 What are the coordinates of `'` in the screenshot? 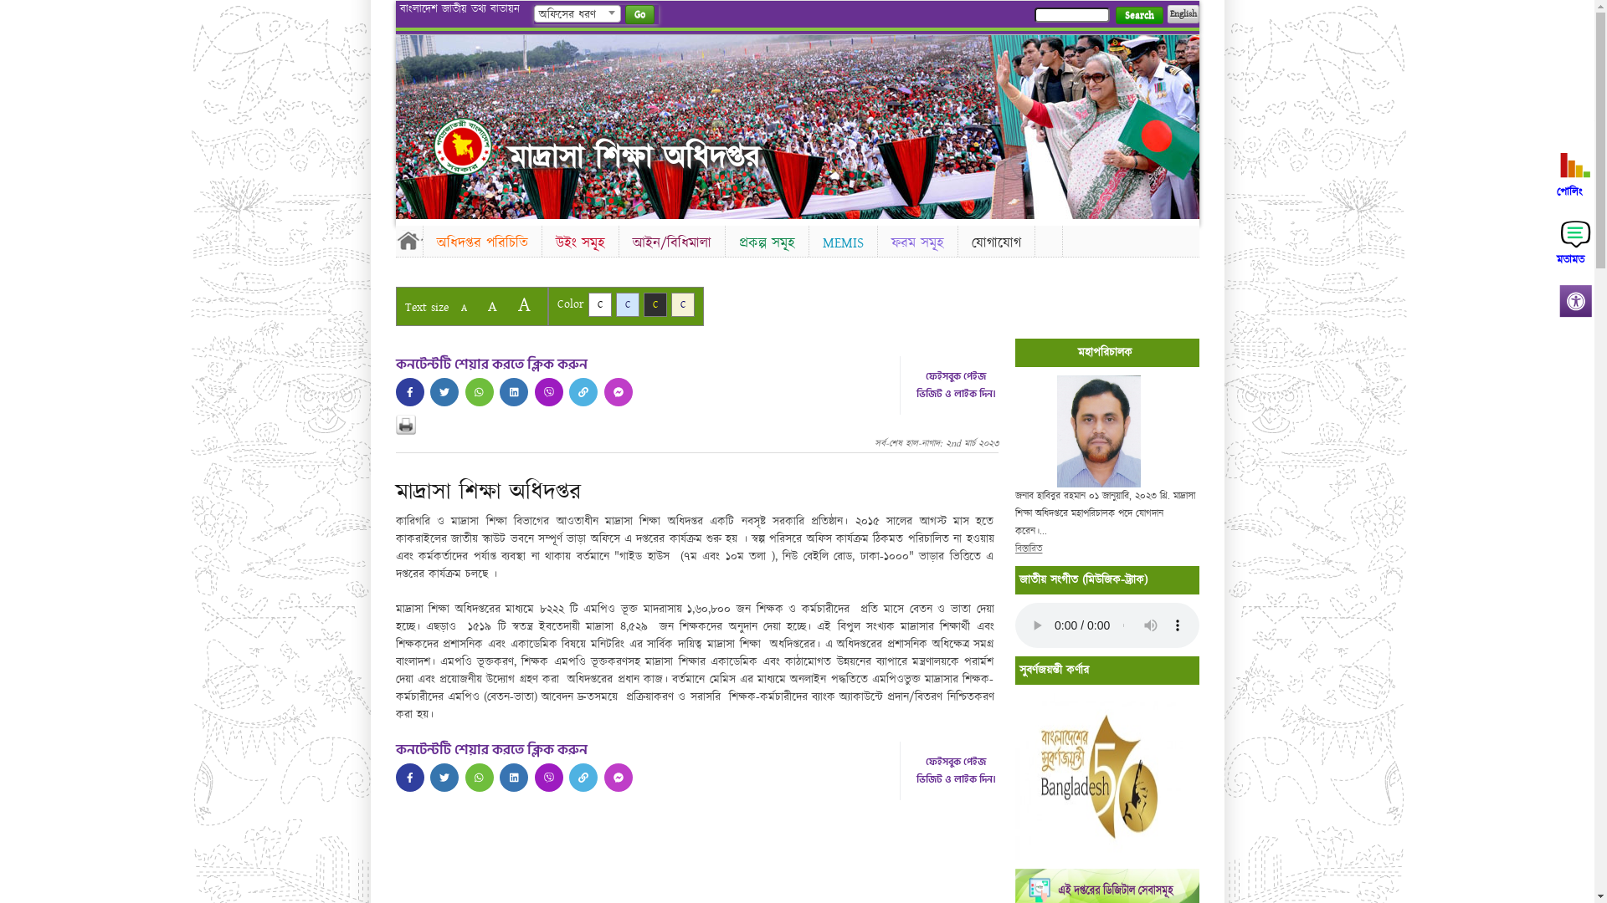 It's located at (462, 145).